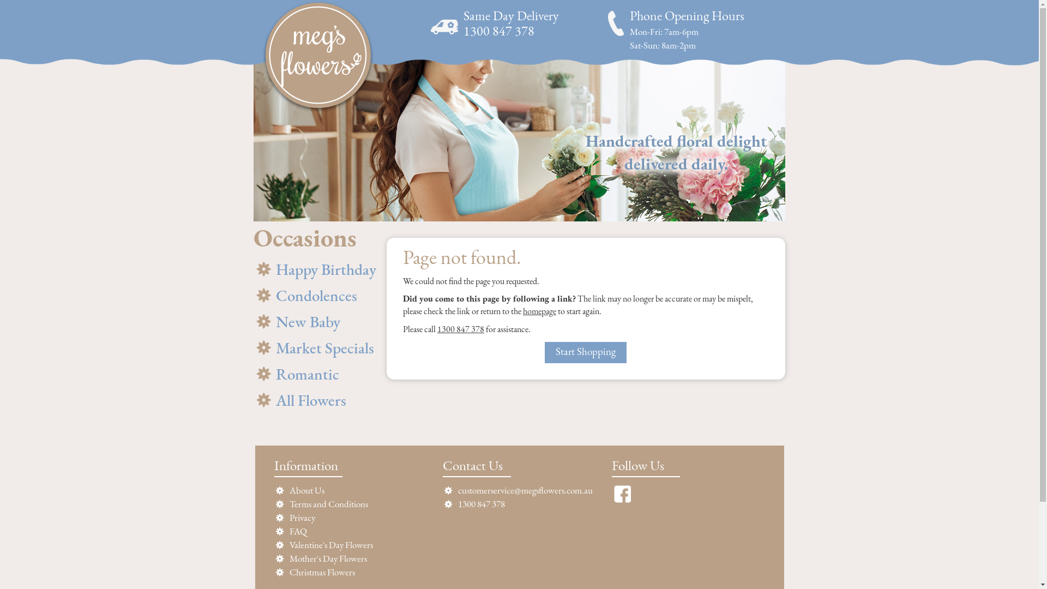 Image resolution: width=1047 pixels, height=589 pixels. I want to click on 'All Flowers', so click(315, 400).